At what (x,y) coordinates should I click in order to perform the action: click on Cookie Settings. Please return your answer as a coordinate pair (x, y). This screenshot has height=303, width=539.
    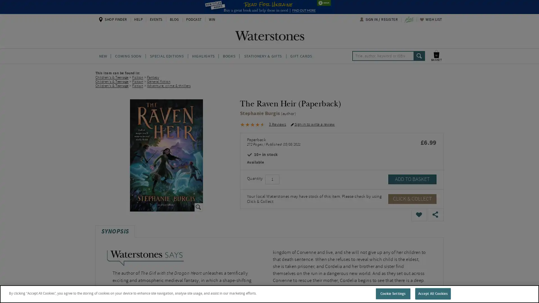
    Looking at the image, I should click on (392, 293).